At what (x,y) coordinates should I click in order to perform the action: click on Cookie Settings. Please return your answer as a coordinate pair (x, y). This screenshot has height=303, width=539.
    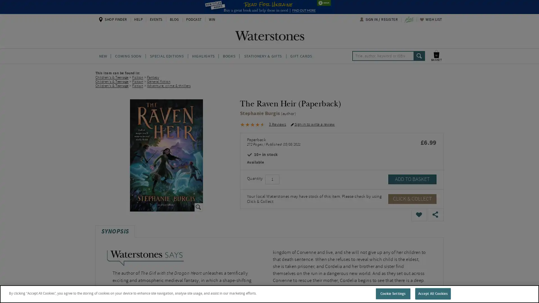
    Looking at the image, I should click on (392, 293).